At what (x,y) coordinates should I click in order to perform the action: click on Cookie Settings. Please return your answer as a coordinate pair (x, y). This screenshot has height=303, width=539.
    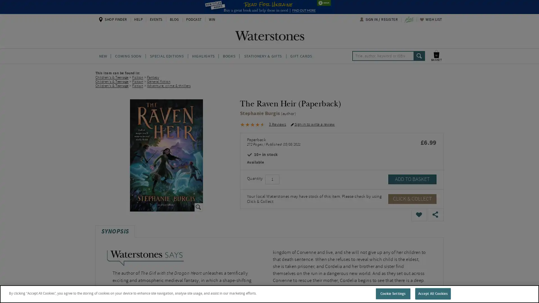
    Looking at the image, I should click on (392, 293).